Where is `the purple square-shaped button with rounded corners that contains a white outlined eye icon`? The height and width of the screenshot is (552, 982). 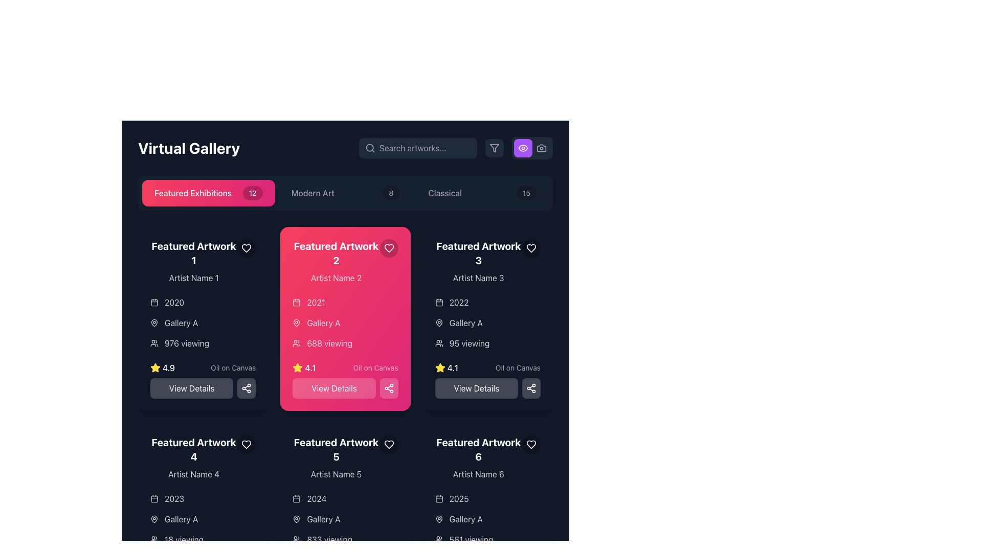 the purple square-shaped button with rounded corners that contains a white outlined eye icon is located at coordinates (523, 148).